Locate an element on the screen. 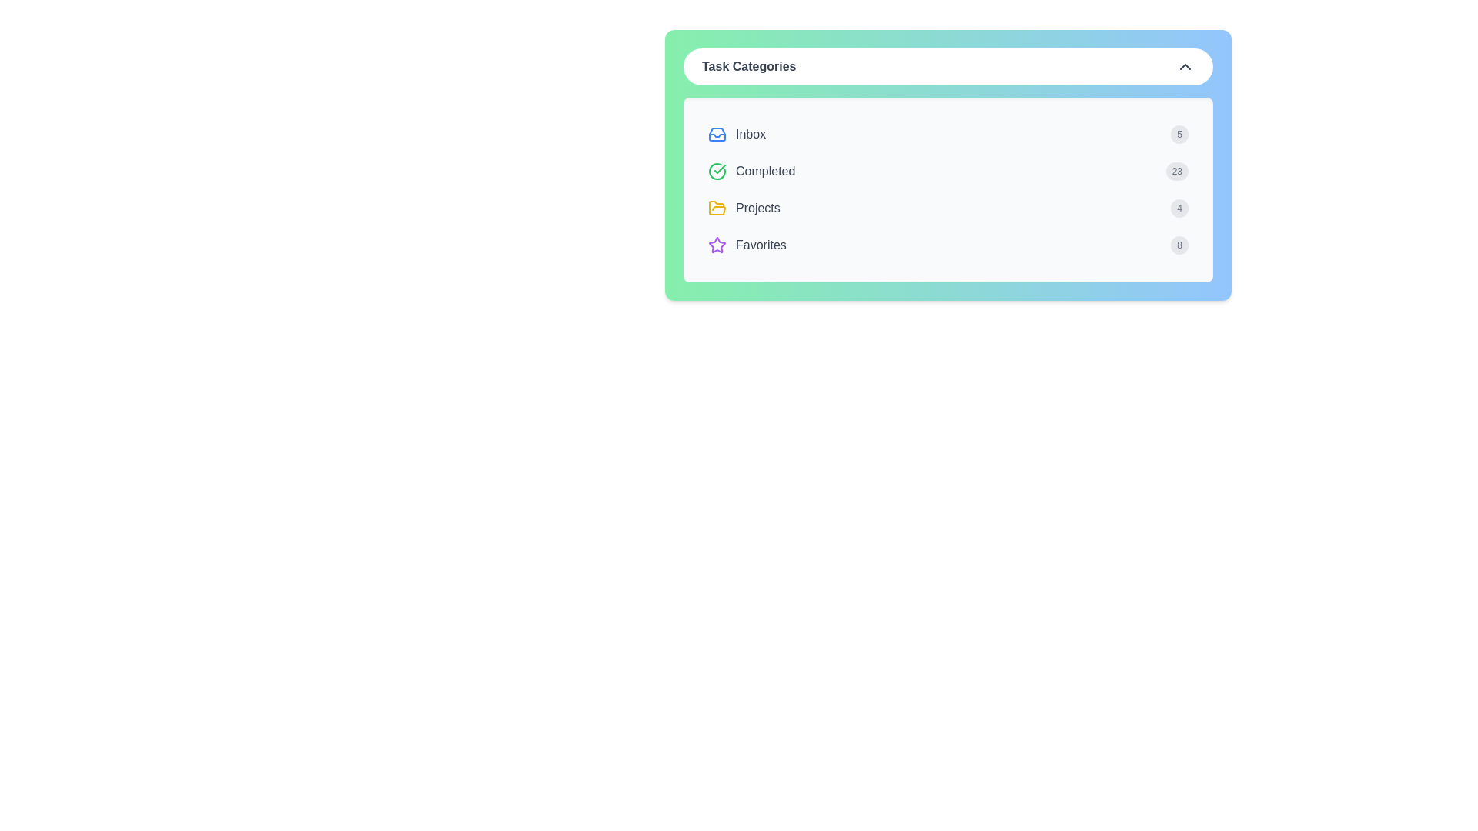 The width and height of the screenshot is (1478, 831). the Badge displaying the count of items or tasks associated with the 'Projects' category is located at coordinates (1179, 208).